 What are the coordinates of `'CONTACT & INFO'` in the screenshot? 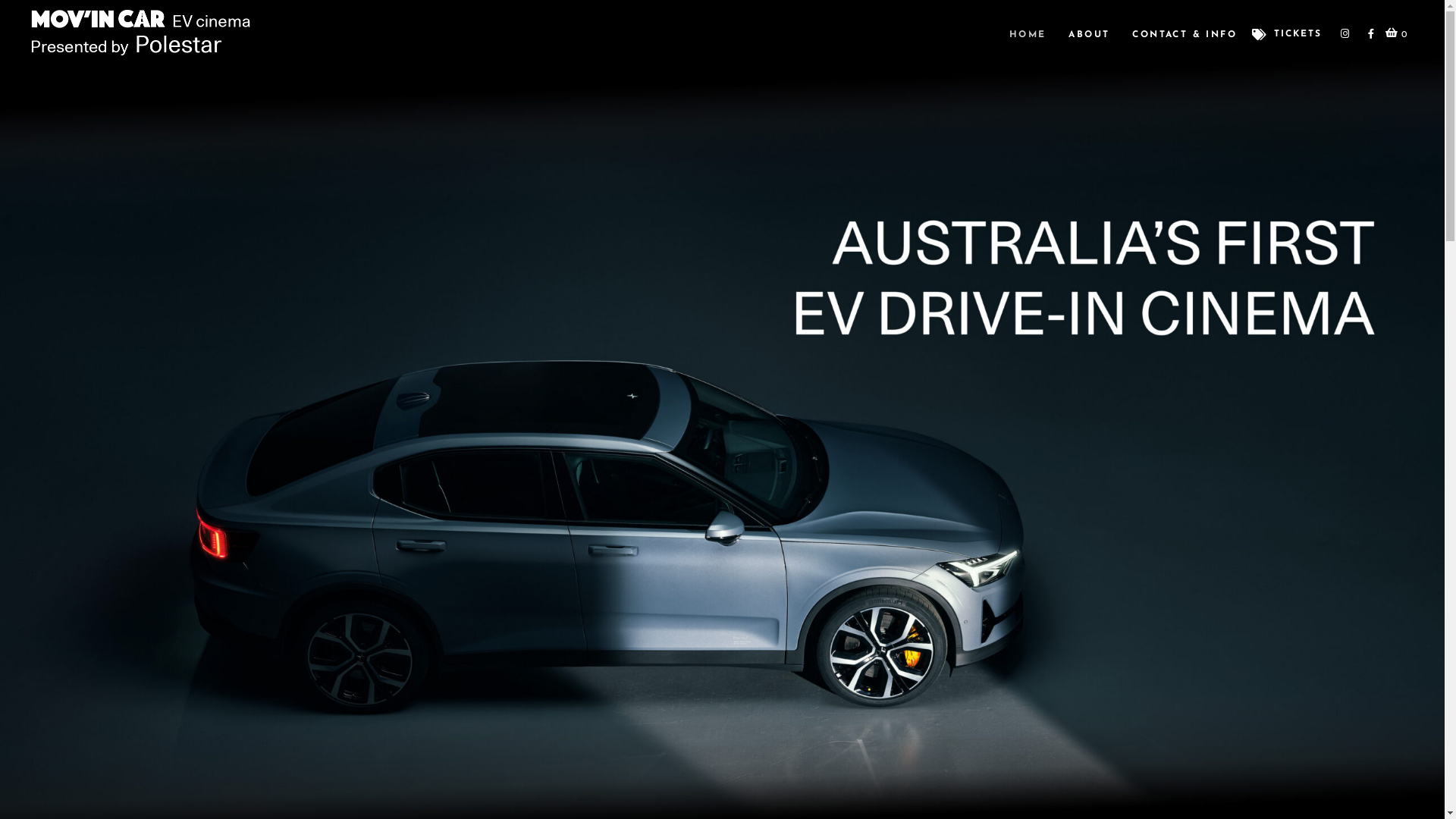 It's located at (1121, 34).